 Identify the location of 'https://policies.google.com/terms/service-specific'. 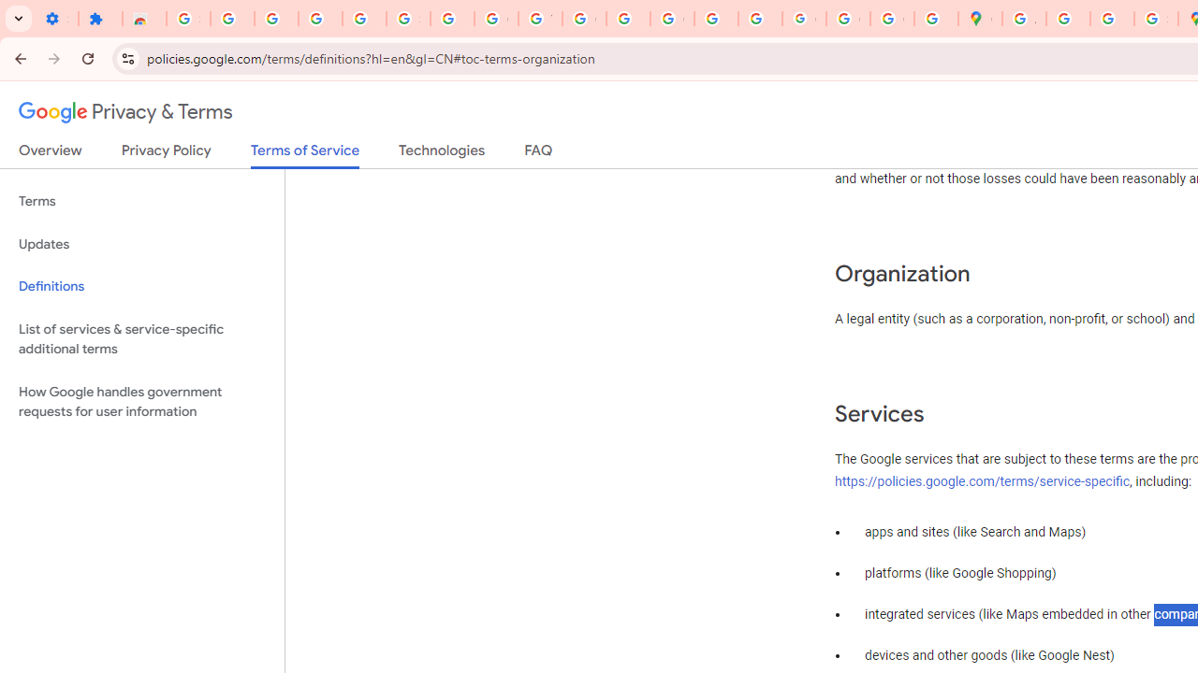
(982, 480).